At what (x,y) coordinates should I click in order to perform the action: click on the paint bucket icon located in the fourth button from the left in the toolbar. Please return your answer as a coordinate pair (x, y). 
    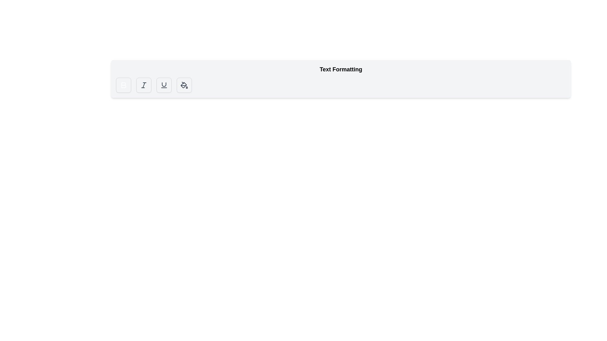
    Looking at the image, I should click on (184, 85).